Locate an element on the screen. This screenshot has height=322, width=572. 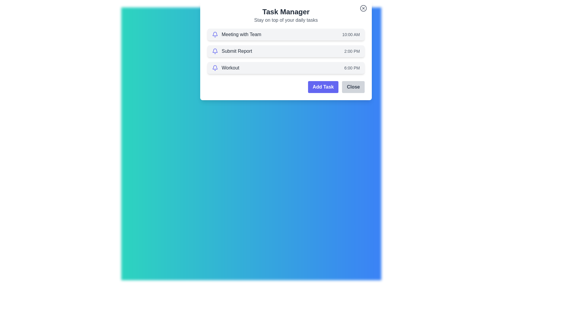
the circular button with a cross shape in its center located in the top-right corner of the 'Task Manager' card is located at coordinates (363, 8).